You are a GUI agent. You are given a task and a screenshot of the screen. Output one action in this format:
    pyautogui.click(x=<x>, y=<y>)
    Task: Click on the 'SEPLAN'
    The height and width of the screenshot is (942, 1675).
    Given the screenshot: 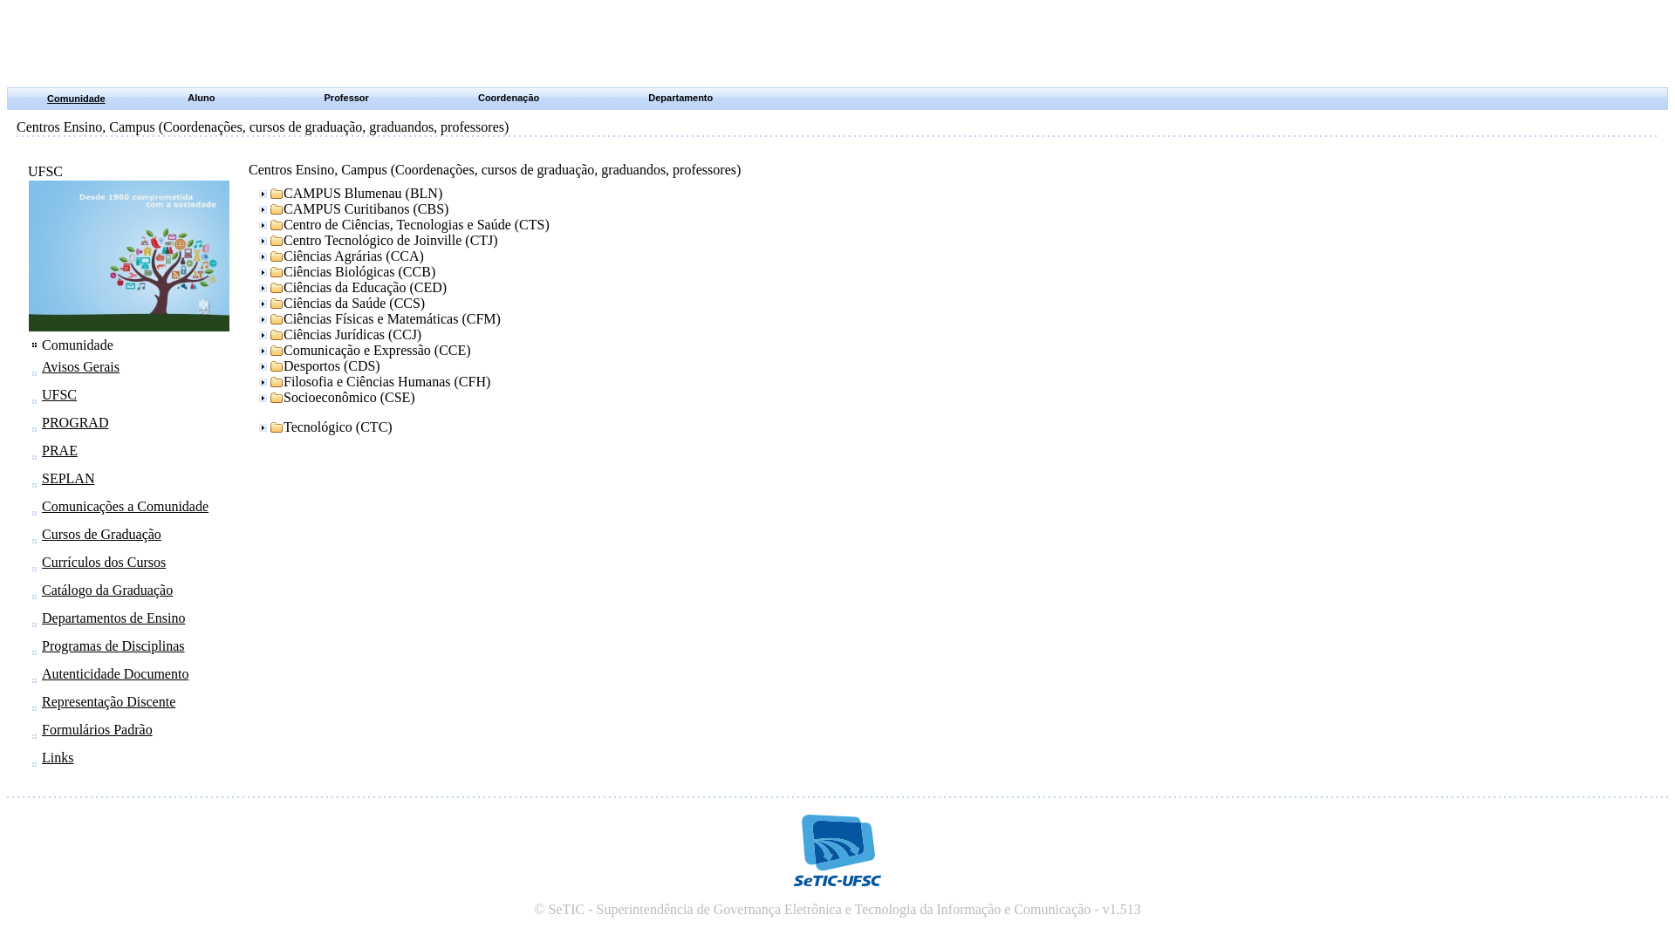 What is the action you would take?
    pyautogui.click(x=67, y=478)
    